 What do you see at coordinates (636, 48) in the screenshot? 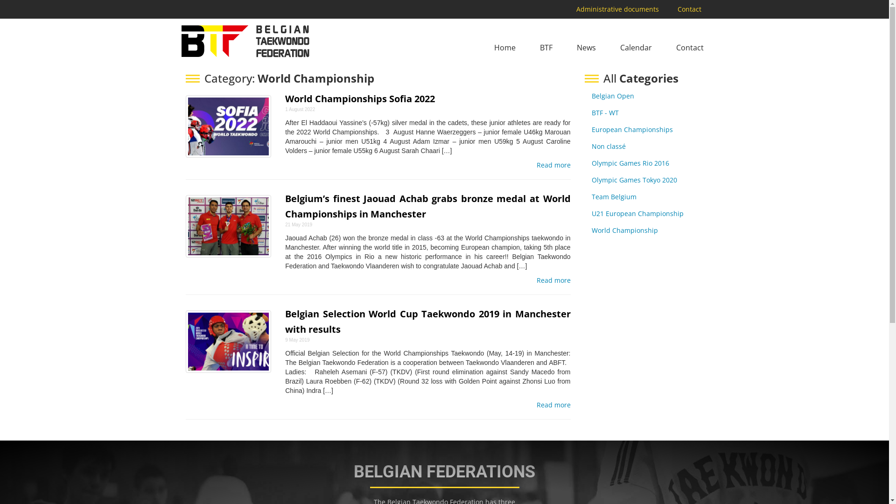
I see `'Calendar'` at bounding box center [636, 48].